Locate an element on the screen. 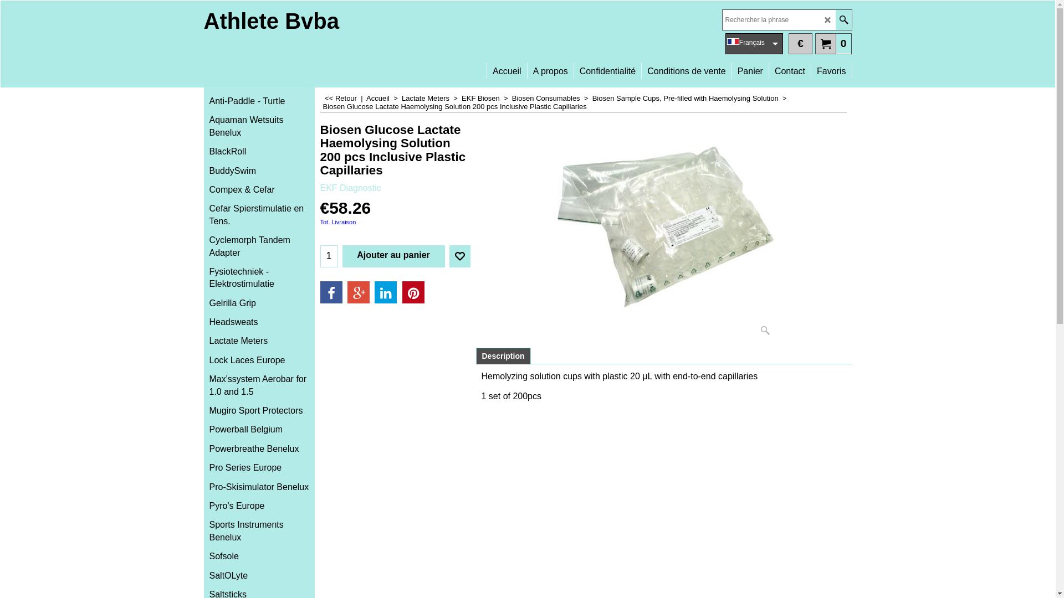 This screenshot has height=598, width=1064. 'Anti-Paddle - Turtle' is located at coordinates (259, 101).